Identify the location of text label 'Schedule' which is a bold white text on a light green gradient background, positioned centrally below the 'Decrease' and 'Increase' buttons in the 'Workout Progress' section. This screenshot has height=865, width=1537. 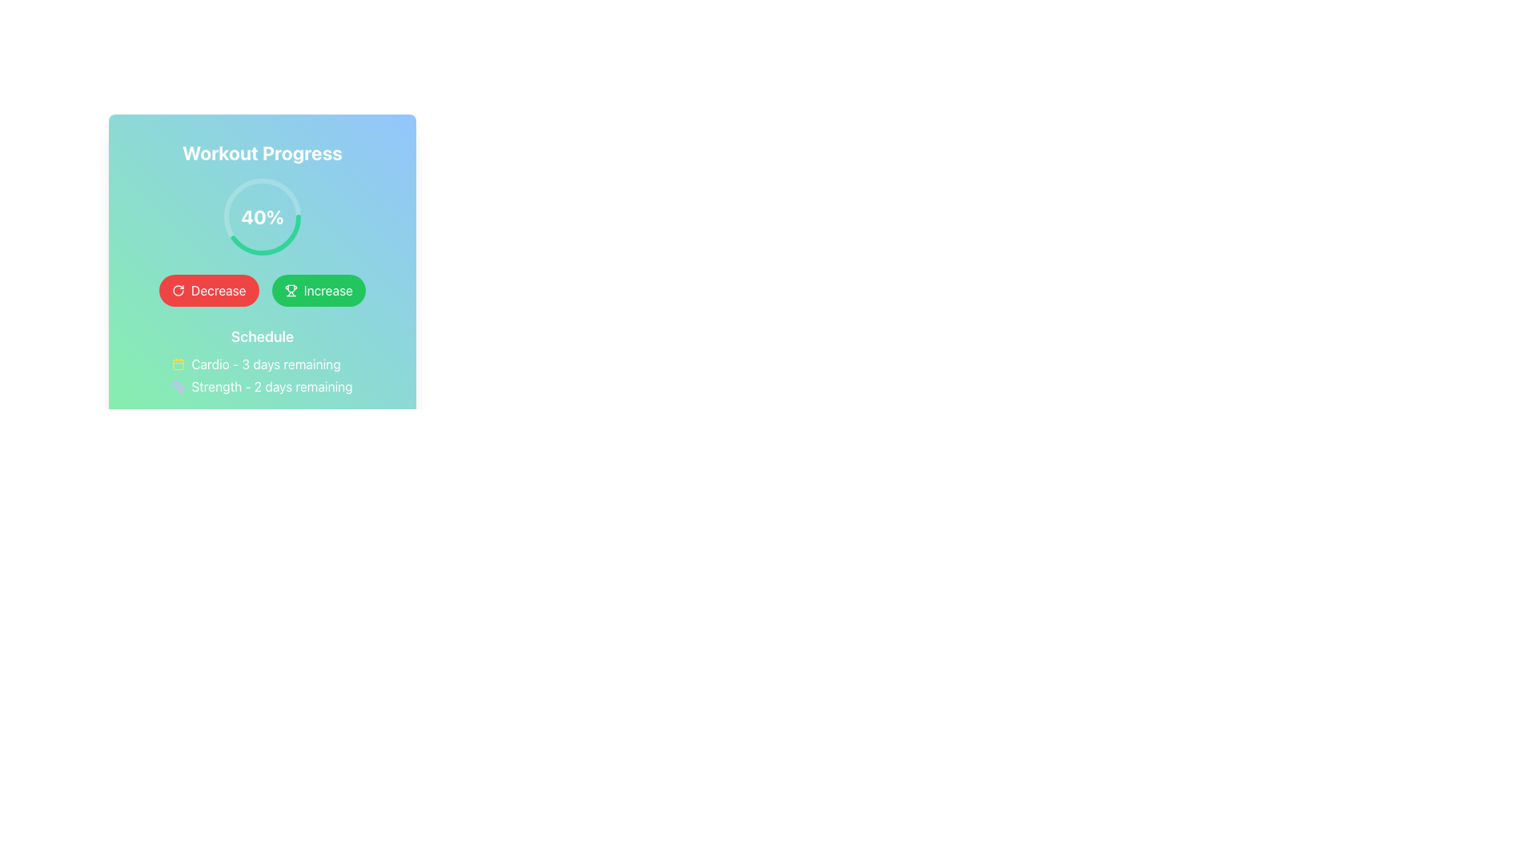
(262, 336).